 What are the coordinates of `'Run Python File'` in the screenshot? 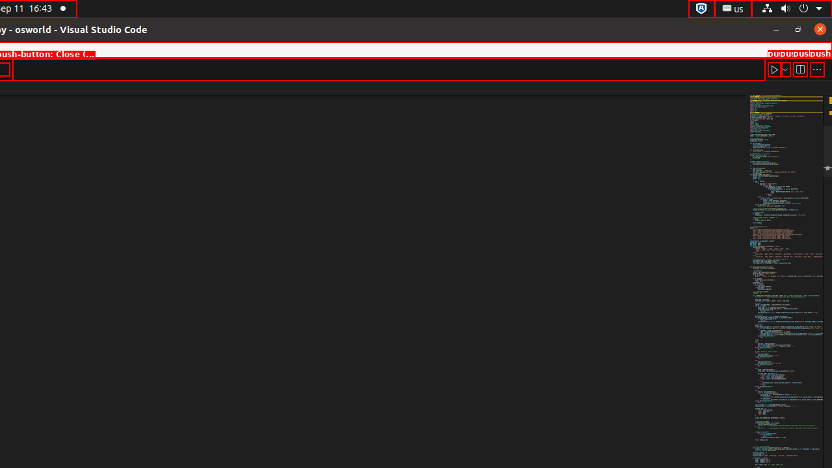 It's located at (774, 69).